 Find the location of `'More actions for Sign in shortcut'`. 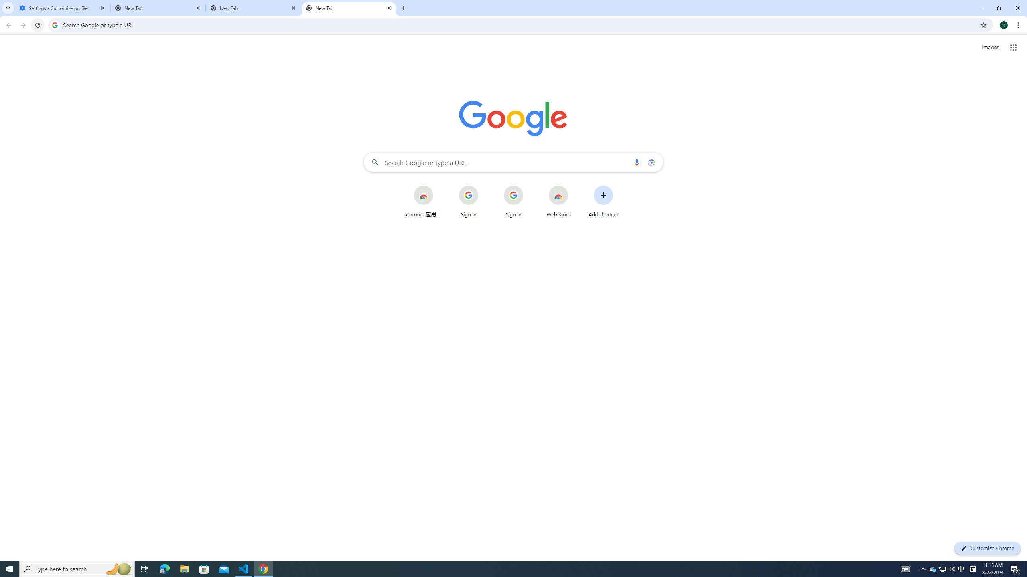

'More actions for Sign in shortcut' is located at coordinates (529, 186).